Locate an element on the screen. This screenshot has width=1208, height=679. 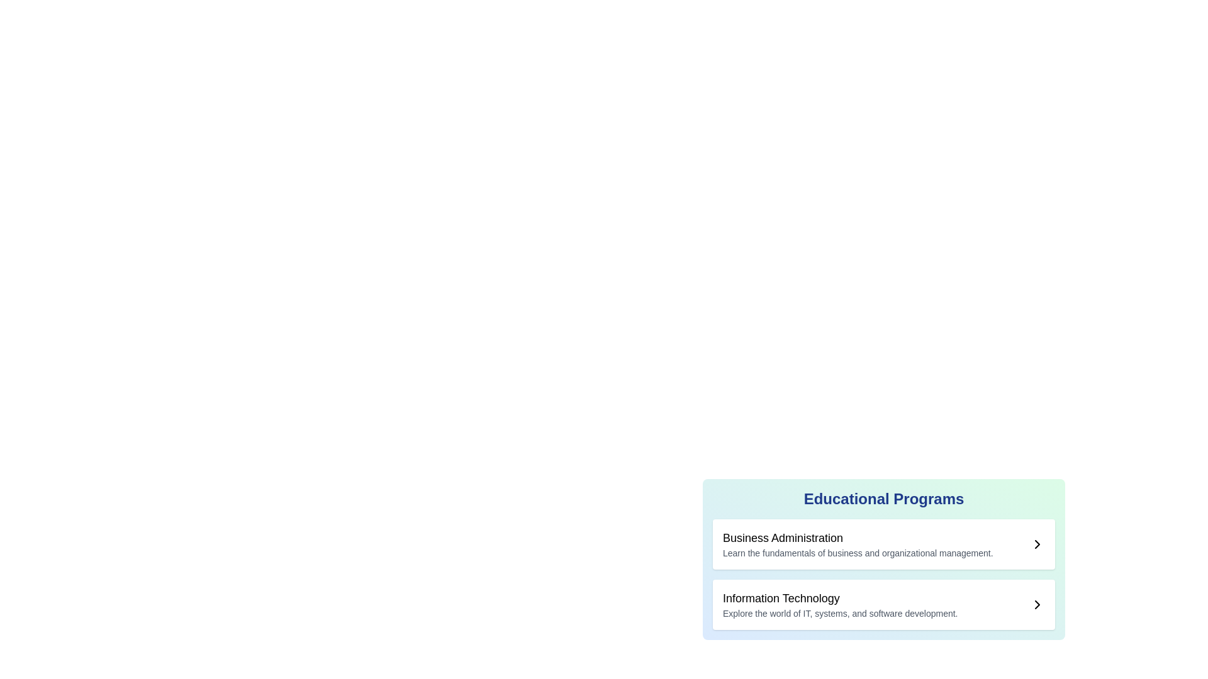
the Navigation link titled 'Information Technology' which has a right-pointing arrow icon and is located below the 'Business Administration' section is located at coordinates (883, 604).